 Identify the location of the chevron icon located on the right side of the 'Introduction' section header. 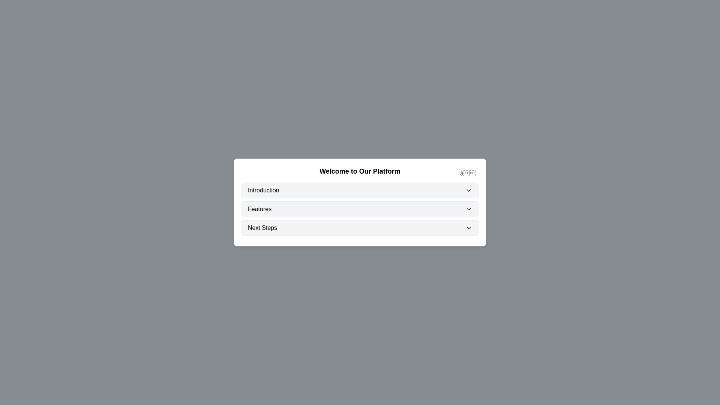
(468, 190).